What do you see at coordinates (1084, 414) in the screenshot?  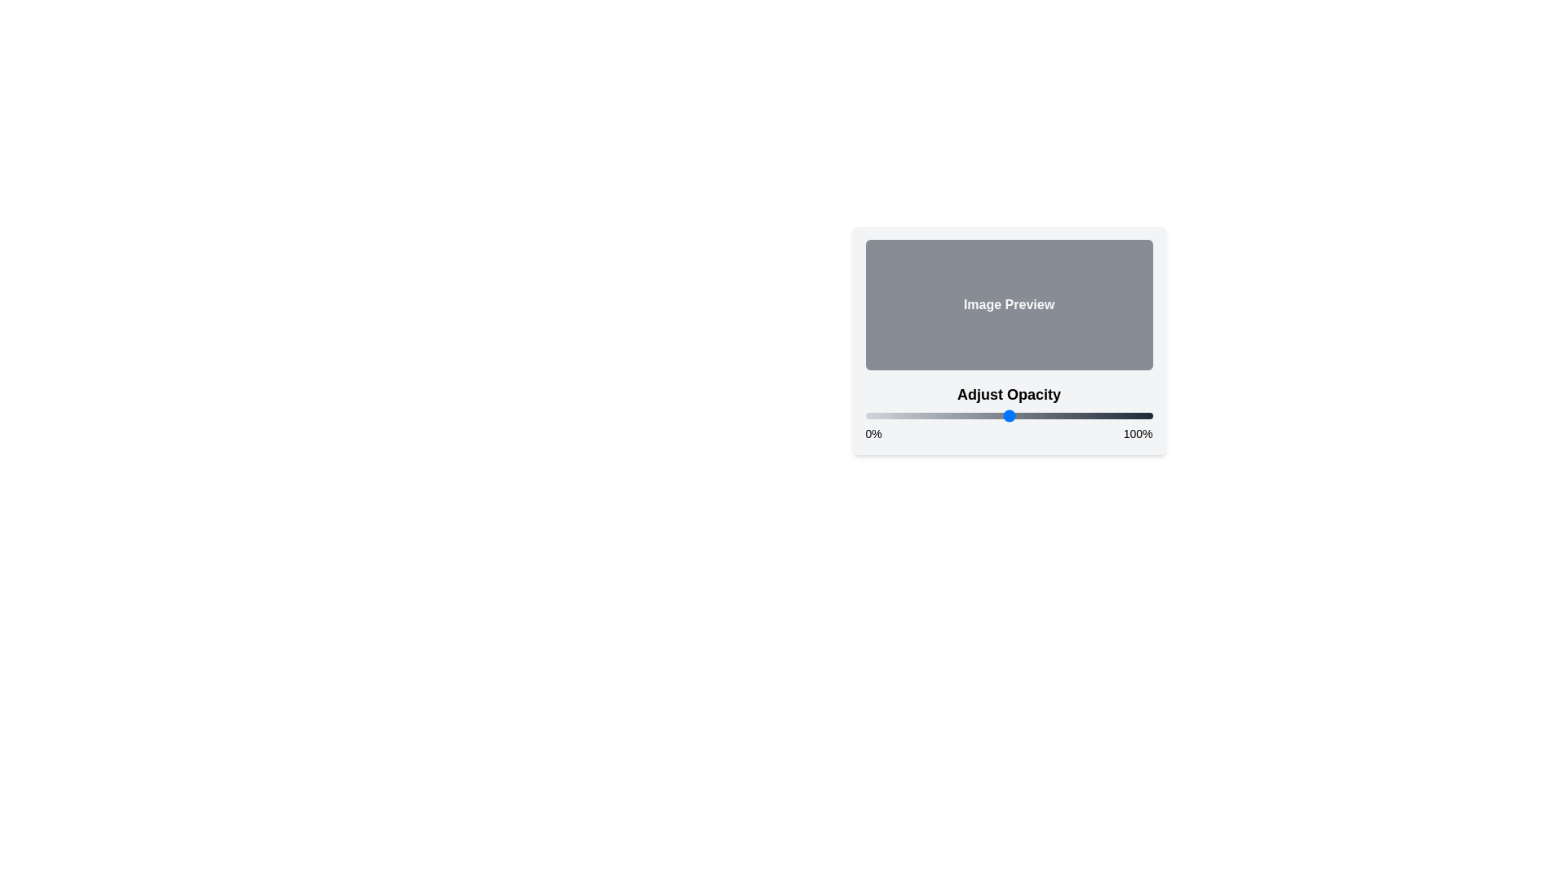 I see `slider value` at bounding box center [1084, 414].